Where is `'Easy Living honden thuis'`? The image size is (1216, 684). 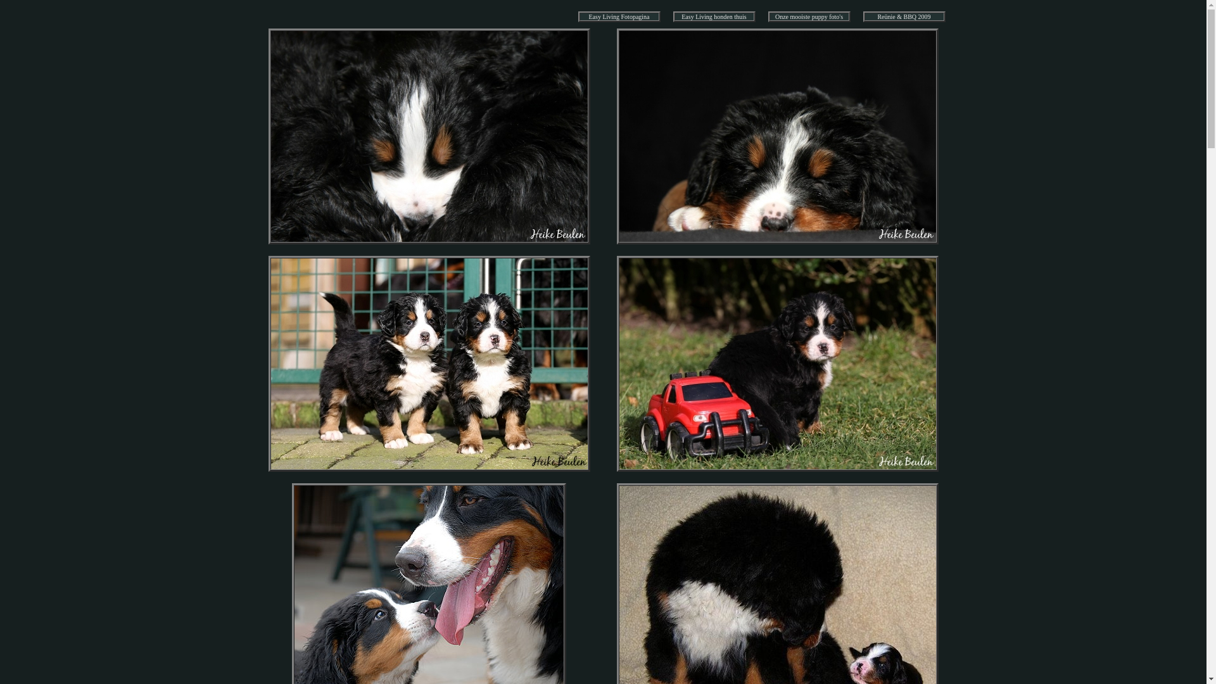 'Easy Living honden thuis' is located at coordinates (714, 16).